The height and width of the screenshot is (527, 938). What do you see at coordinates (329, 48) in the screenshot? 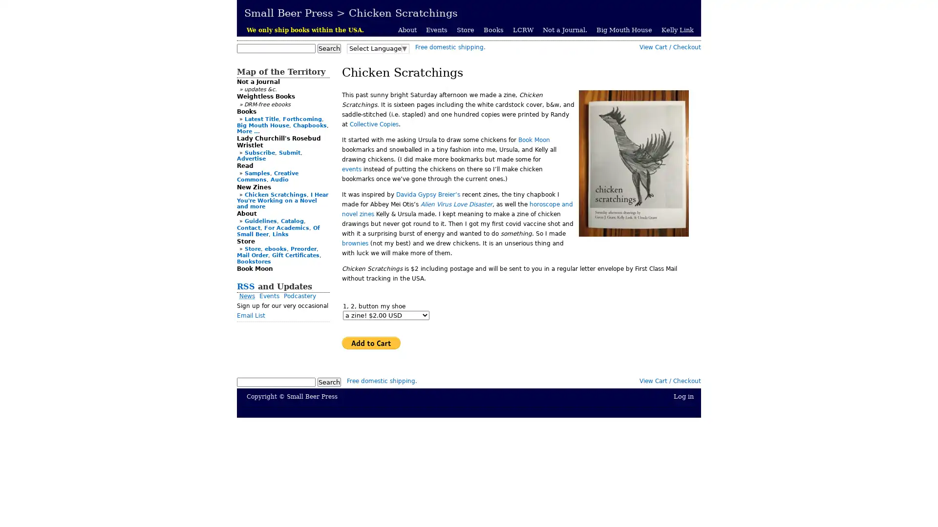
I see `Search` at bounding box center [329, 48].